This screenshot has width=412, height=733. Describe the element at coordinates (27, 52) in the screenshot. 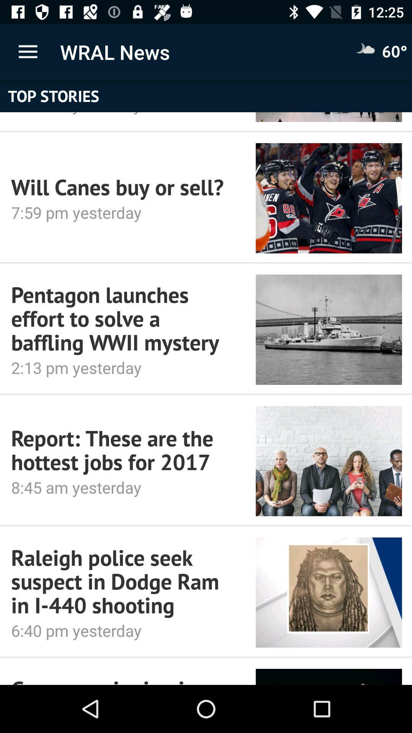

I see `item next to the wral news app` at that location.